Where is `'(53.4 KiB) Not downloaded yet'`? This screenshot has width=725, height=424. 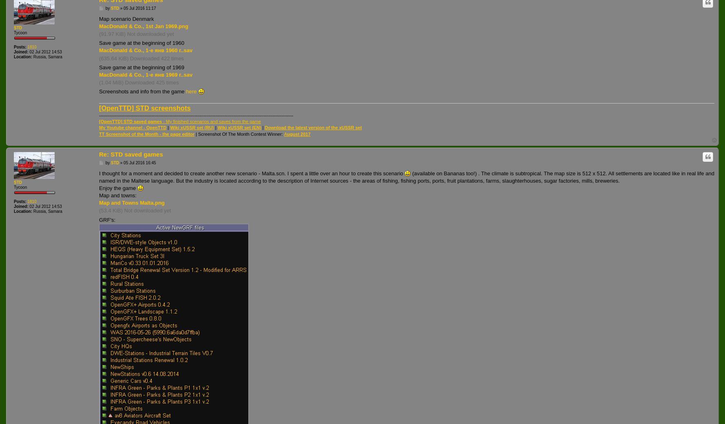 '(53.4 KiB) Not downloaded yet' is located at coordinates (135, 210).